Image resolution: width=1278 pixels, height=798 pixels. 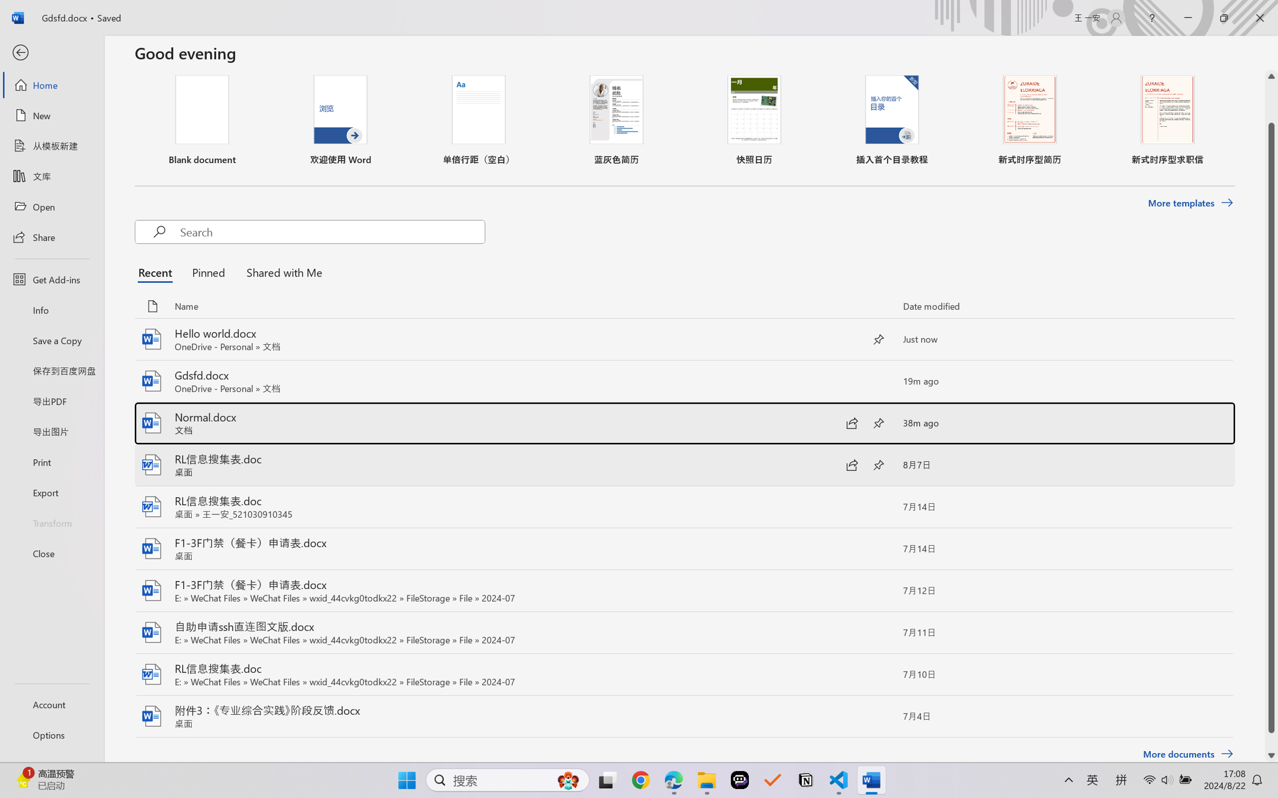 I want to click on 'Options', so click(x=51, y=734).